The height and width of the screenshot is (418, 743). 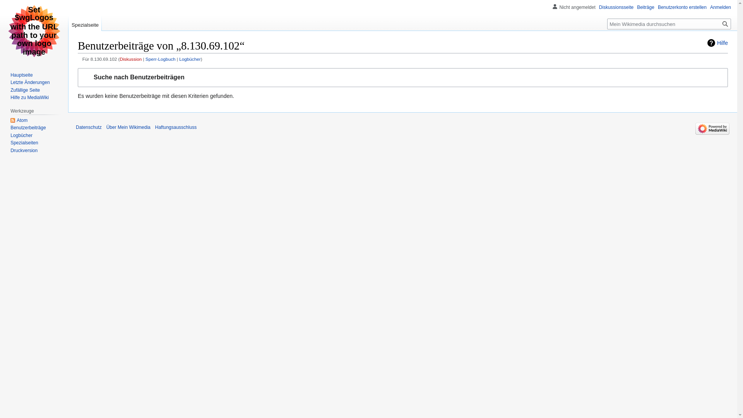 What do you see at coordinates (160, 58) in the screenshot?
I see `'Sperr-Logbuch'` at bounding box center [160, 58].